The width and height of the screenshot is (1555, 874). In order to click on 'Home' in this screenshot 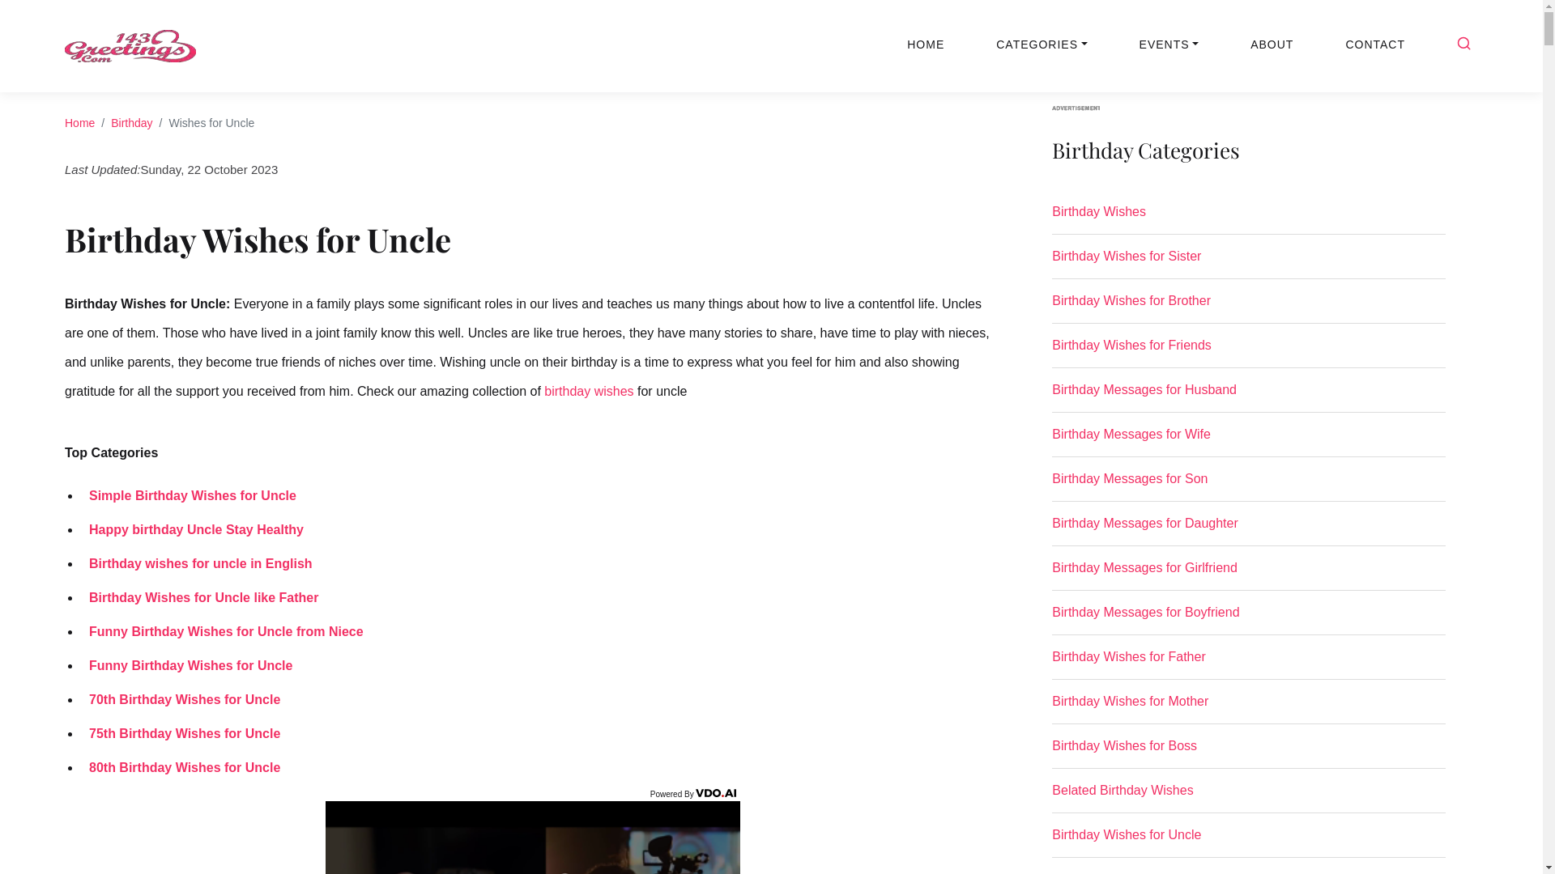, I will do `click(79, 121)`.